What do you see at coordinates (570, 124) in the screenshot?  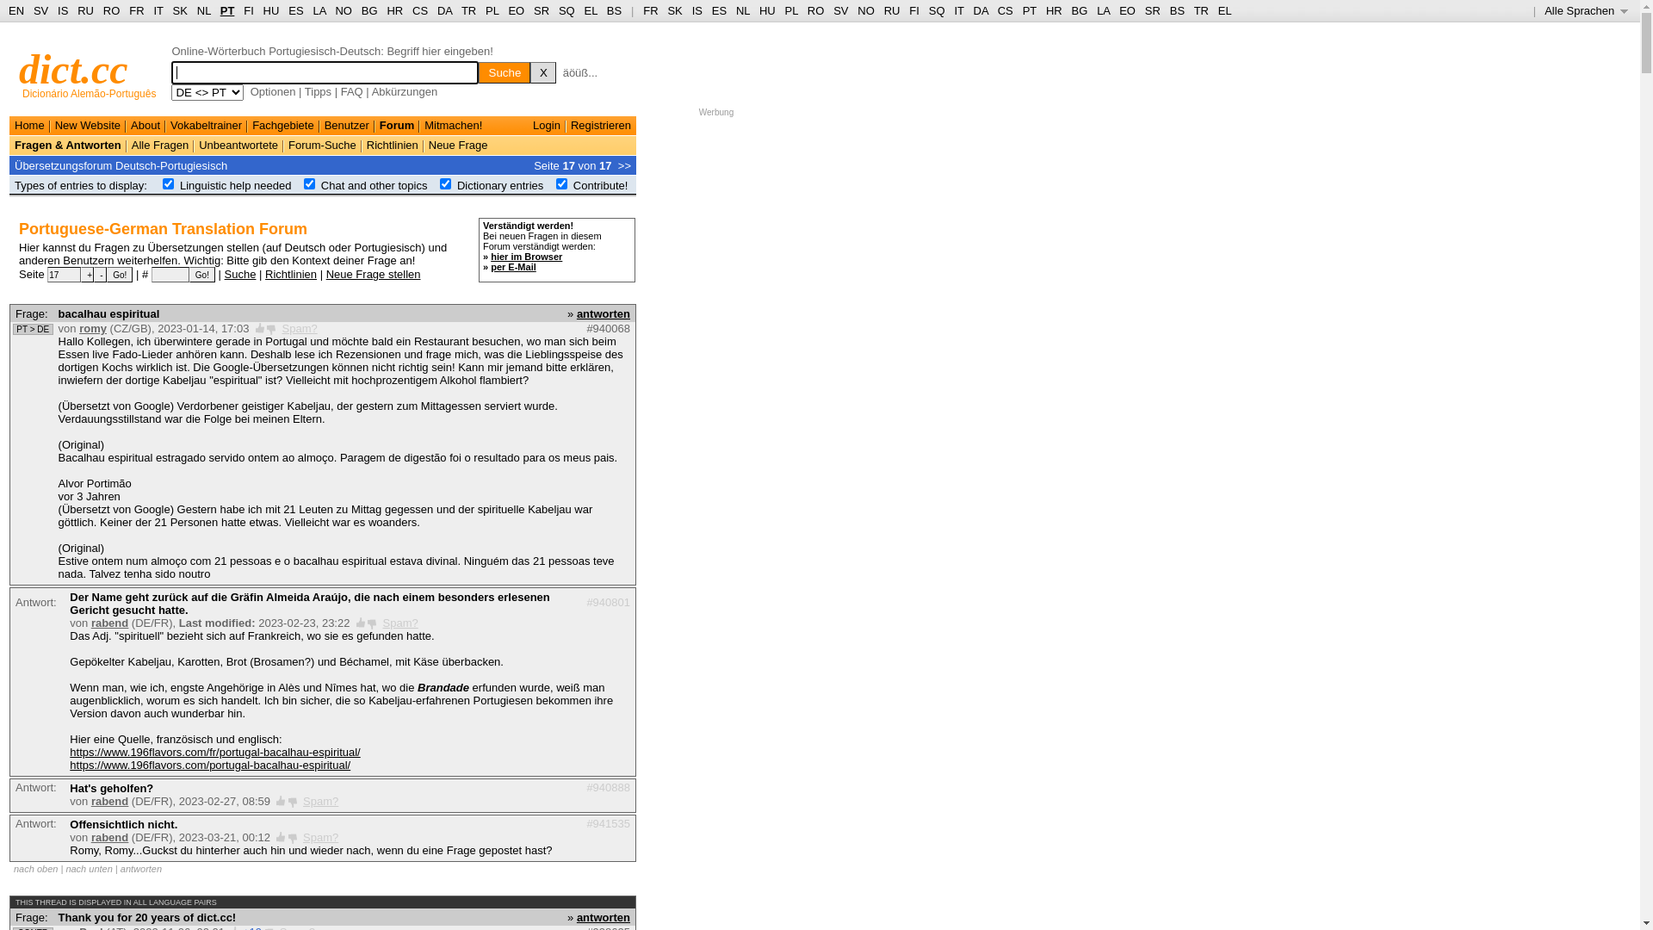 I see `'Registrieren'` at bounding box center [570, 124].